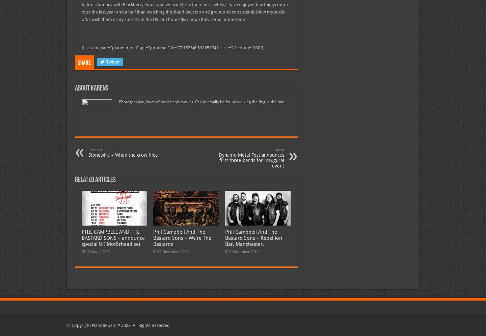 Image resolution: width=486 pixels, height=336 pixels. What do you see at coordinates (113, 238) in the screenshot?
I see `'PHIL CAMPBELL AND THE BASTARD SONS – announce special UK Motörhead set'` at bounding box center [113, 238].